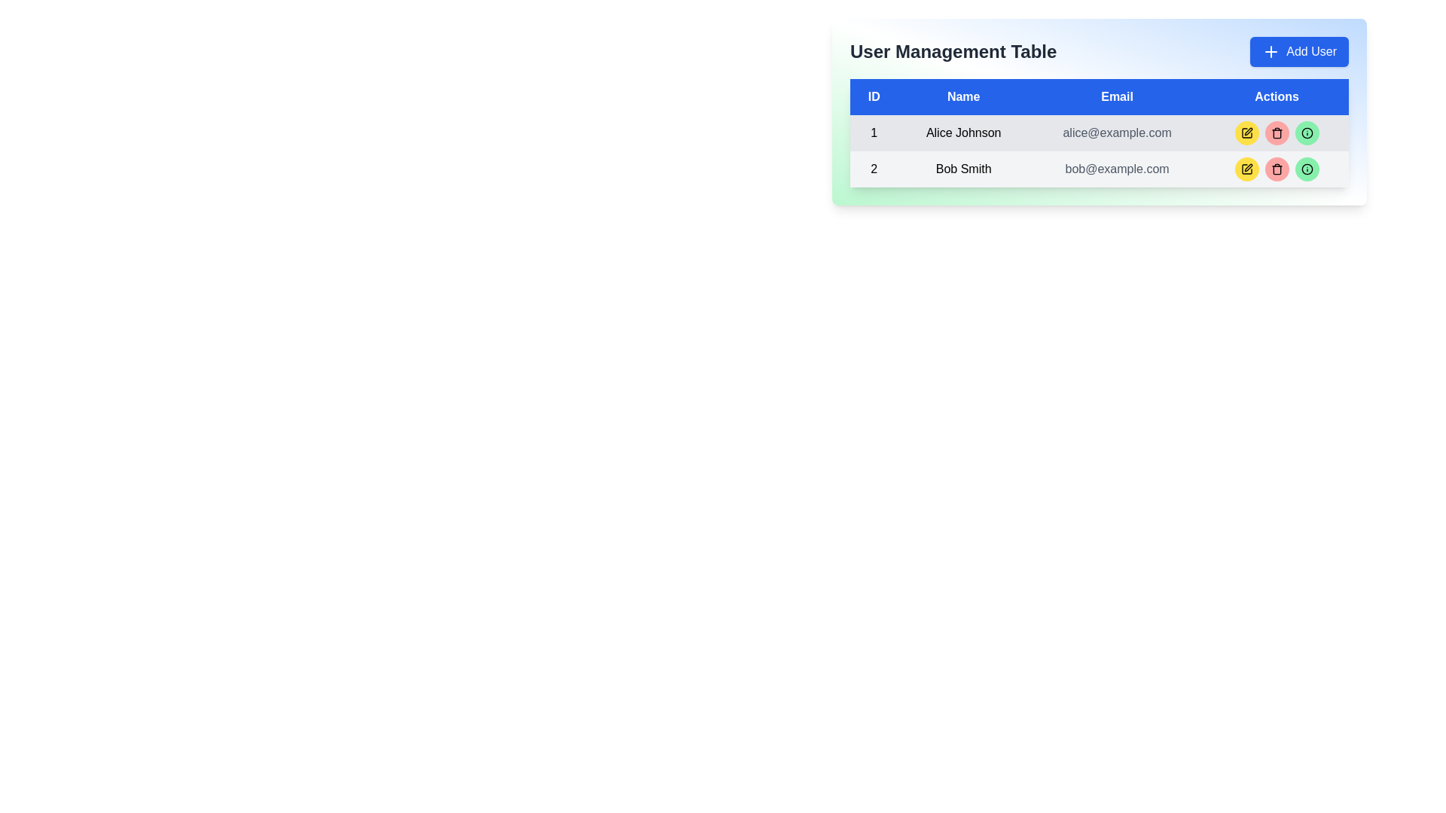 Image resolution: width=1446 pixels, height=813 pixels. I want to click on the second row in the user management table for possible bulk actions, so click(1099, 169).